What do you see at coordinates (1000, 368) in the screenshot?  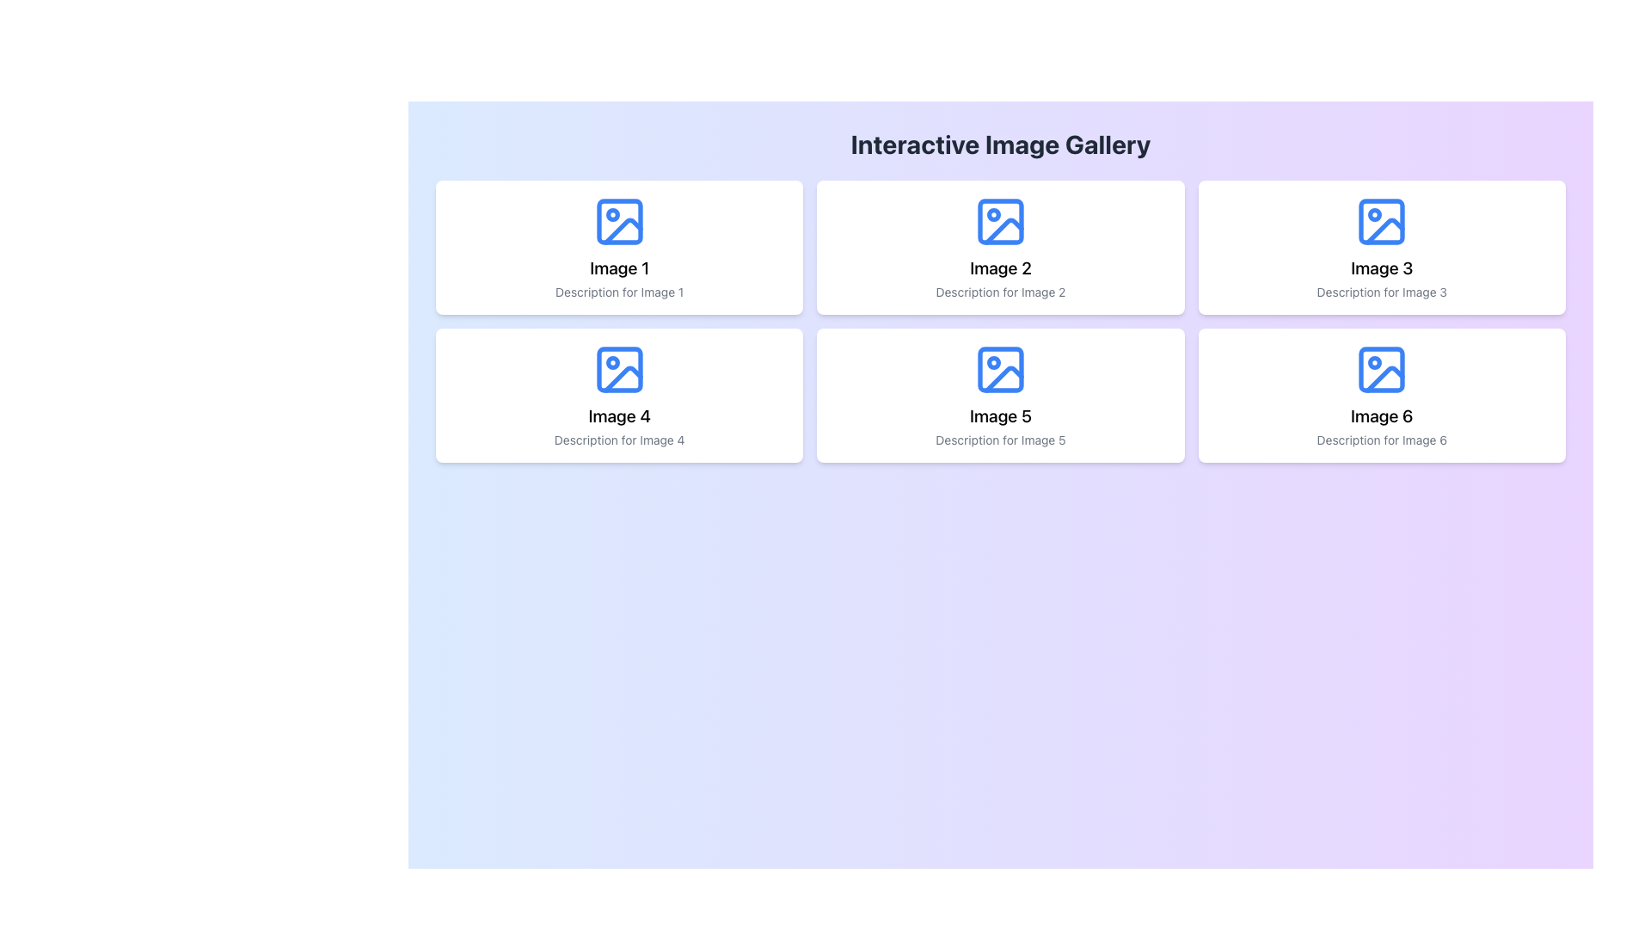 I see `the blue picture frame icon with a sun or moon in the top left corner, located inside the card labeled 'Image 5' and 'Description for Image 5' at the center of the bottom row in a 2x3 grid layout` at bounding box center [1000, 368].